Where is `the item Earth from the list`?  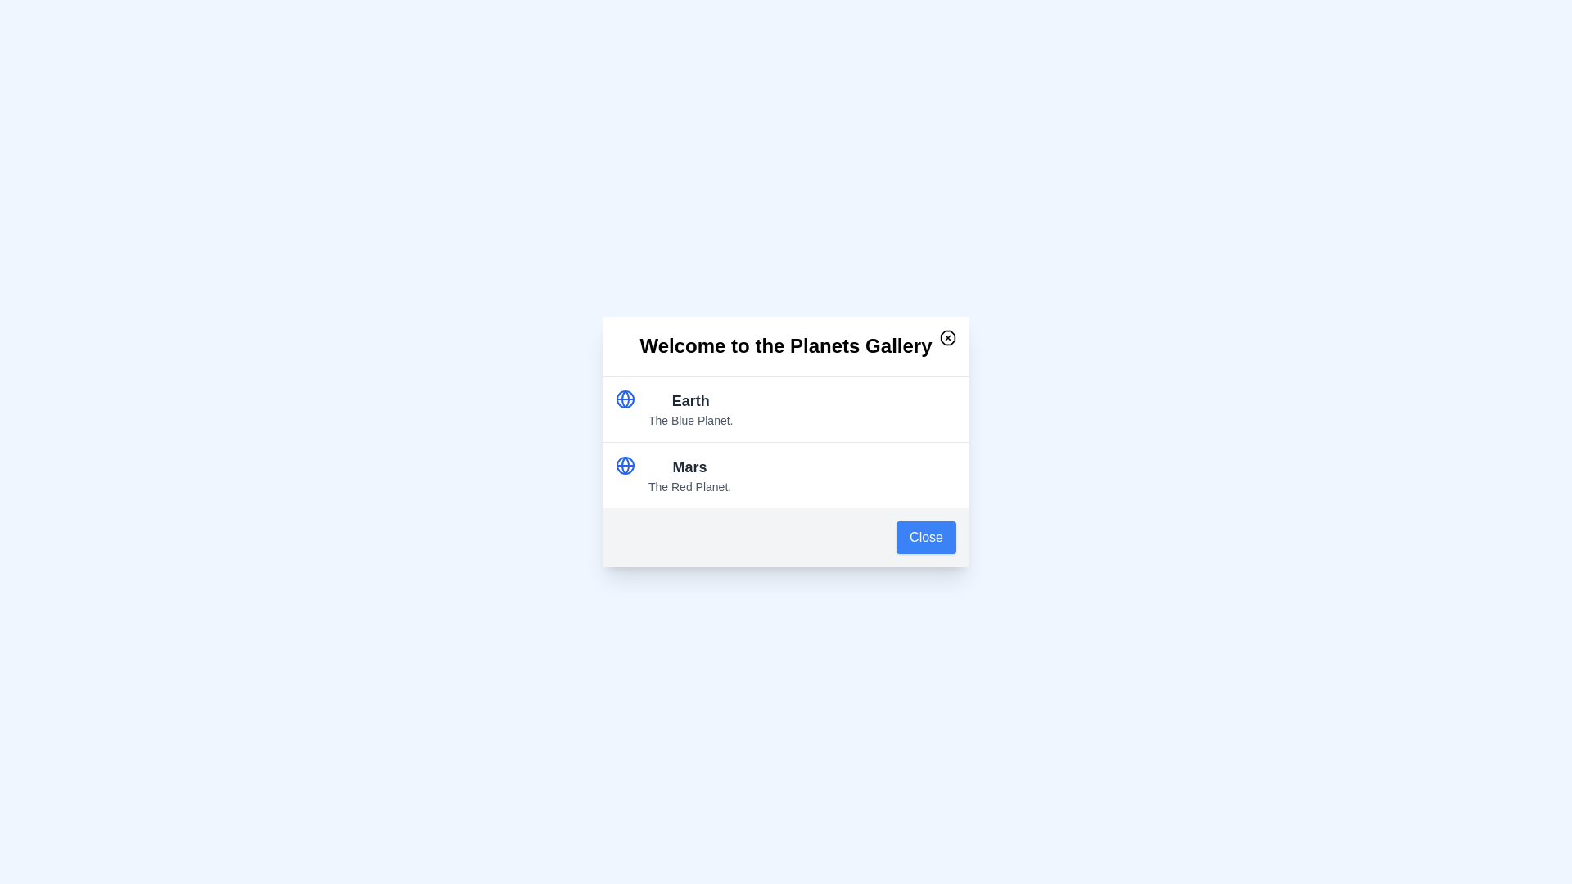
the item Earth from the list is located at coordinates (690, 400).